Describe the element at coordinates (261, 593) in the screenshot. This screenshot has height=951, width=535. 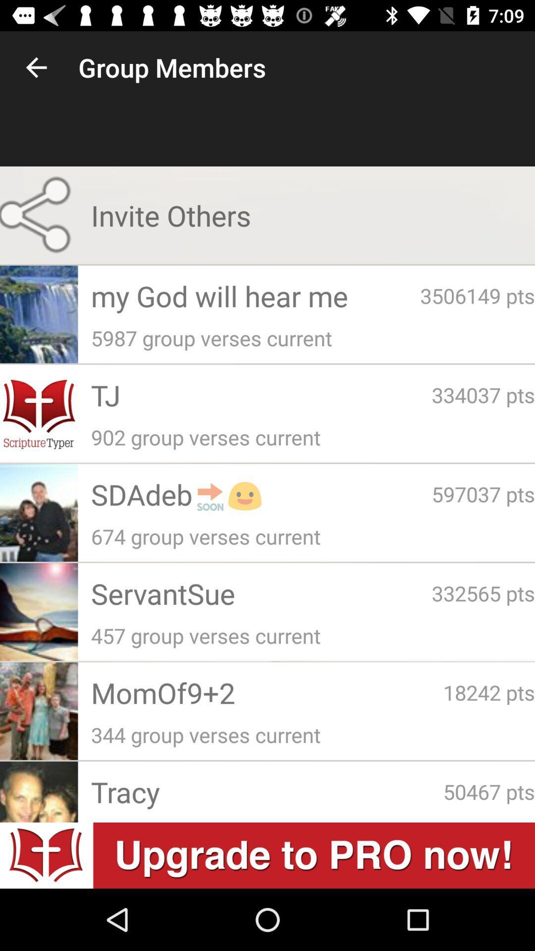
I see `the servantsue item` at that location.